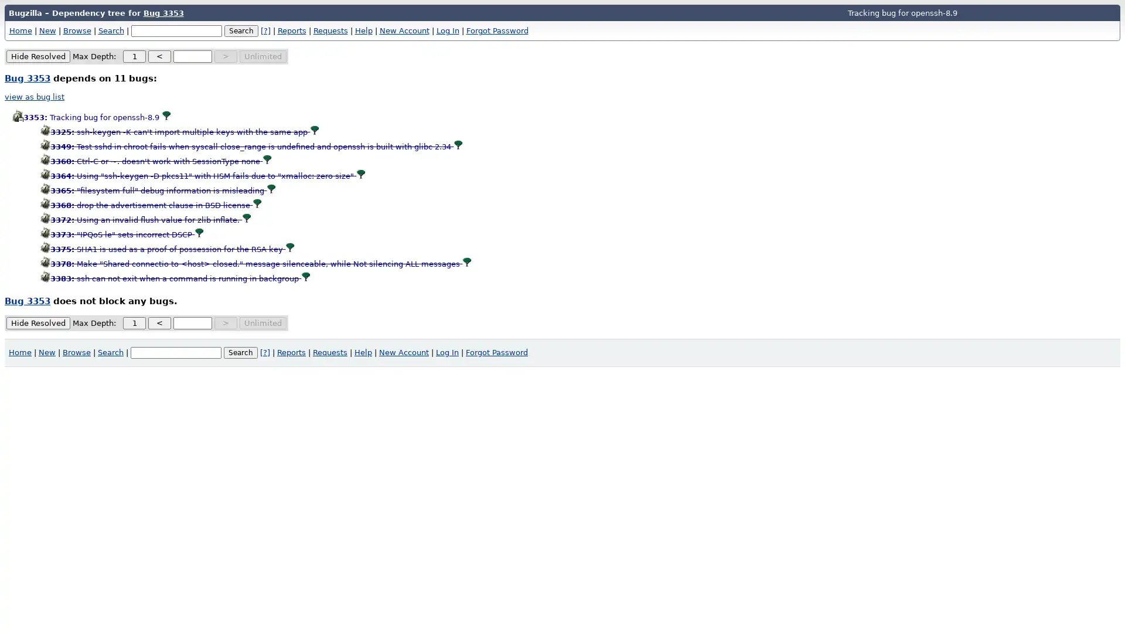  Describe the element at coordinates (159, 56) in the screenshot. I see `<` at that location.